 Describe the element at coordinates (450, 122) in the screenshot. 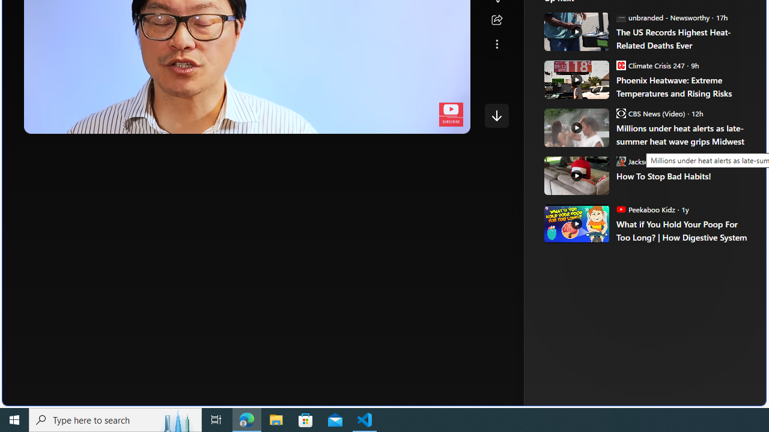

I see `'Full screen (f)'` at that location.